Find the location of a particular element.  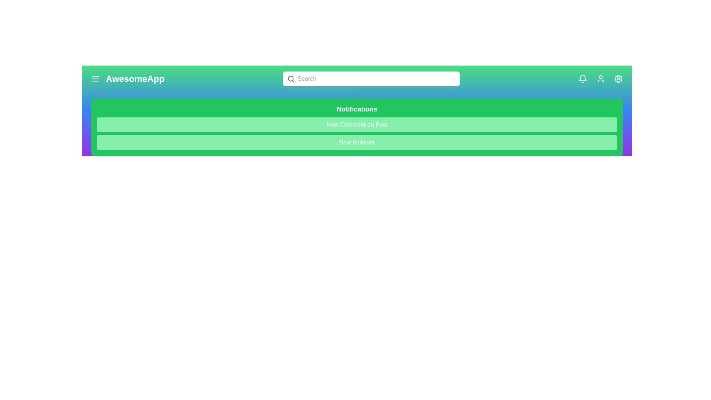

the bell notification icon located in the top-right corner of the interface is located at coordinates (583, 78).